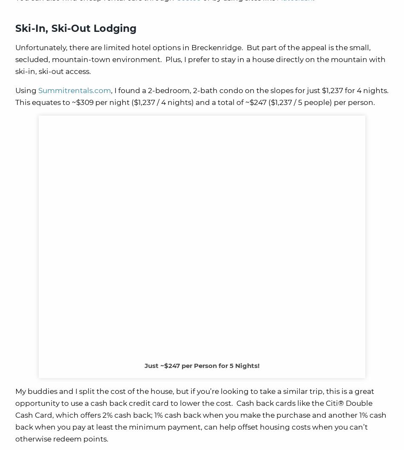 The height and width of the screenshot is (450, 404). I want to click on 'when you pay at least the minimum payment, can help offset housing costs when you can’t otherwise redeem points.', so click(191, 432).